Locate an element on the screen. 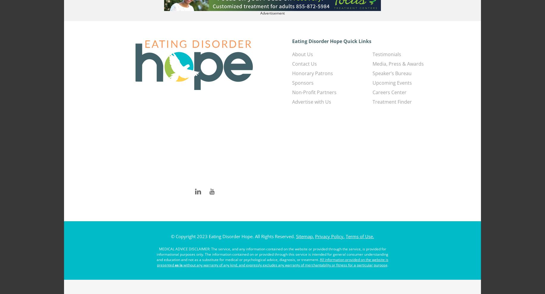 This screenshot has width=545, height=294. 'Terms of Use.' is located at coordinates (360, 236).